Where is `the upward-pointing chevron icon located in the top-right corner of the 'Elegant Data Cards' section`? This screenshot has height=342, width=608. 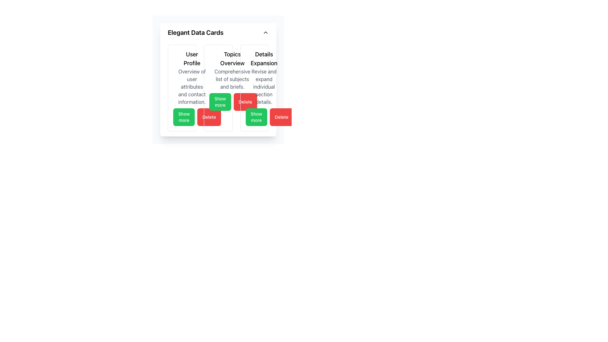 the upward-pointing chevron icon located in the top-right corner of the 'Elegant Data Cards' section is located at coordinates (266, 33).